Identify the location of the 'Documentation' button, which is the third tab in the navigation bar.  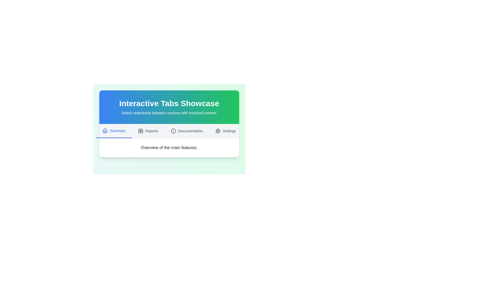
(187, 131).